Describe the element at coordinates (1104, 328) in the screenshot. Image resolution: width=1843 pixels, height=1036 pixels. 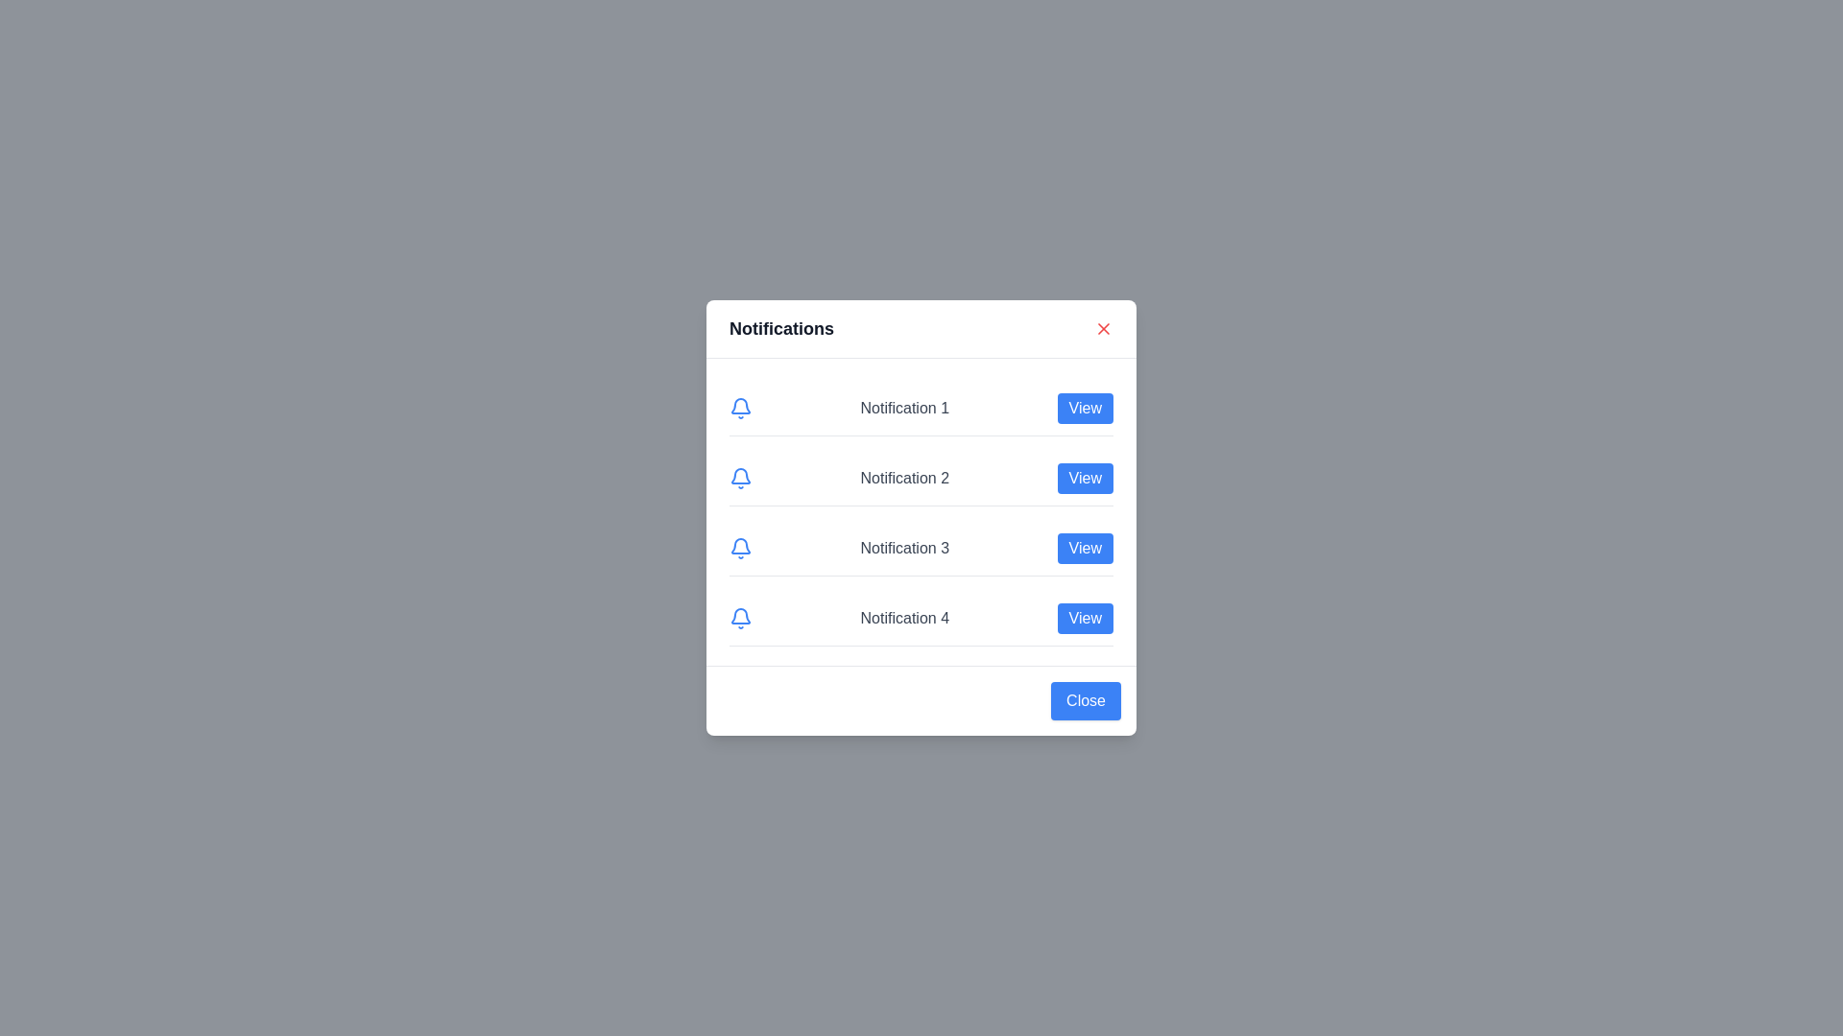
I see `the top-right close button to close the notification dialog` at that location.